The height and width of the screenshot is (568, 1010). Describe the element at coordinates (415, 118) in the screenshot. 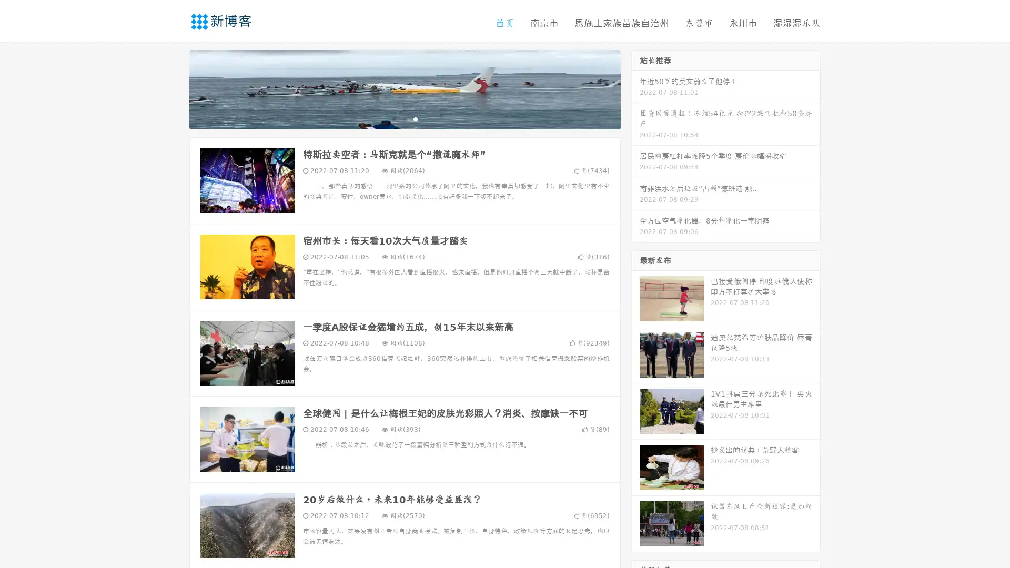

I see `Go to slide 3` at that location.